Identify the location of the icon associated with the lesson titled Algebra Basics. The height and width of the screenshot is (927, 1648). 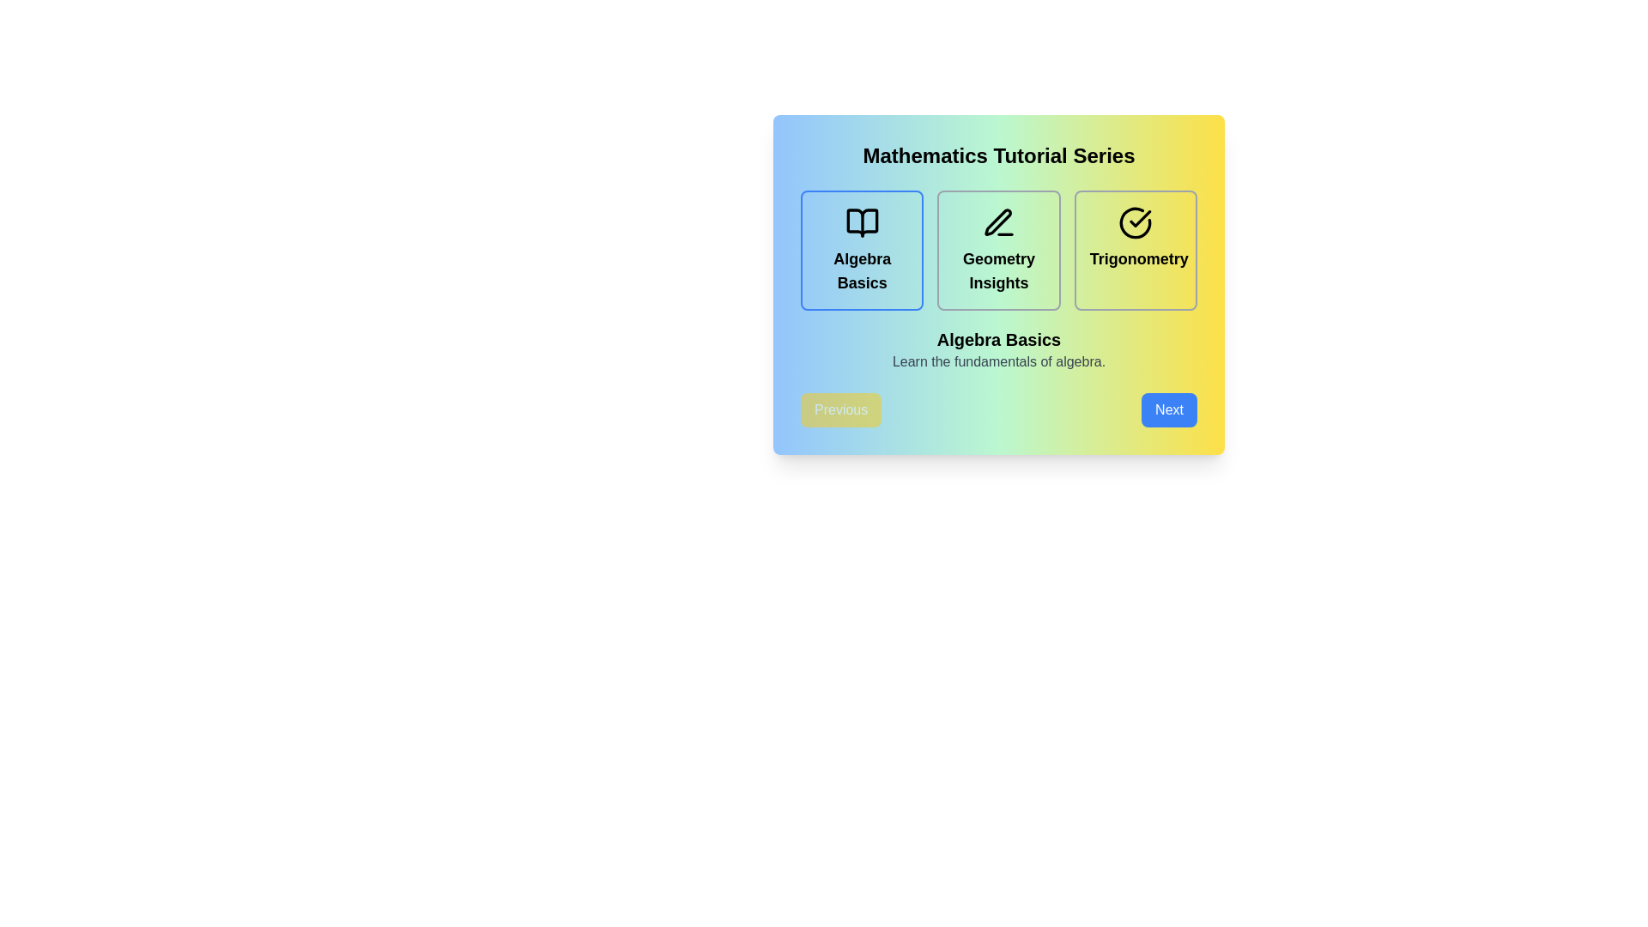
(862, 221).